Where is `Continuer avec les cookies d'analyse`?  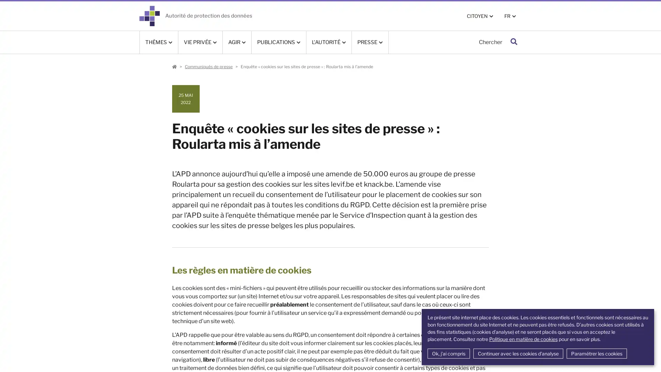 Continuer avec les cookies d'analyse is located at coordinates (518, 353).